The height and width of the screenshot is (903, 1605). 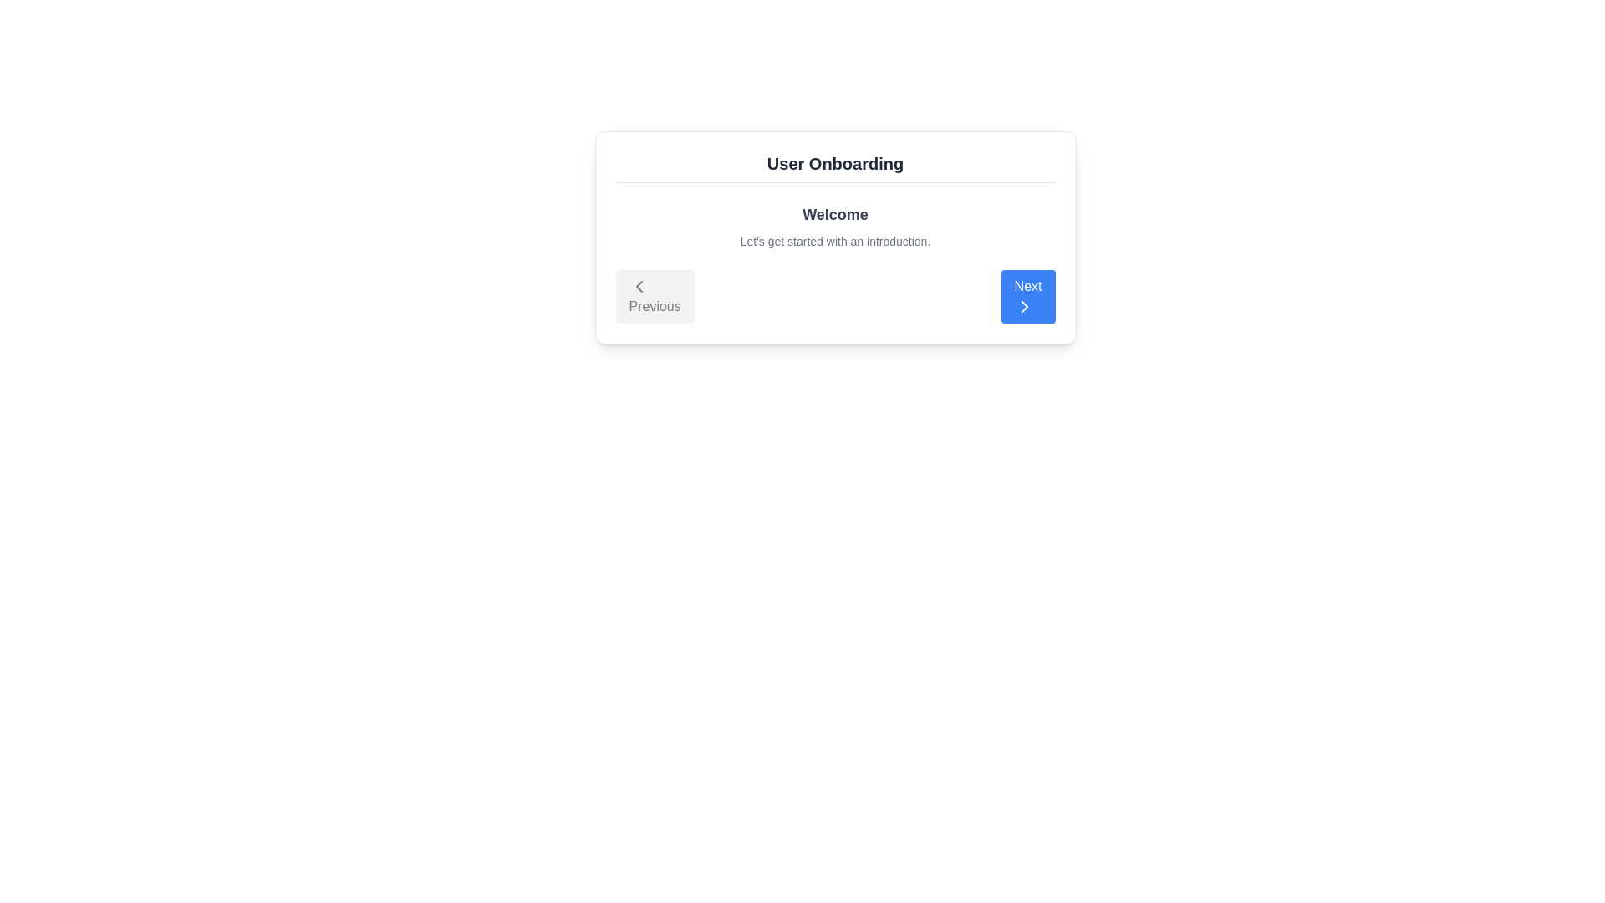 What do you see at coordinates (654, 295) in the screenshot?
I see `the 'Previous' button, which is a light gray rectangular button with rounded corners containing the text 'Previous' and a left-pointing chevron icon` at bounding box center [654, 295].